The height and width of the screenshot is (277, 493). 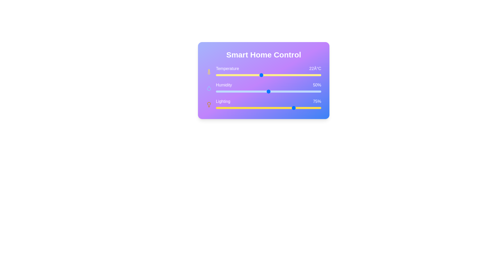 I want to click on the temperature slider to set the temperature to 28°C, so click(x=306, y=75).